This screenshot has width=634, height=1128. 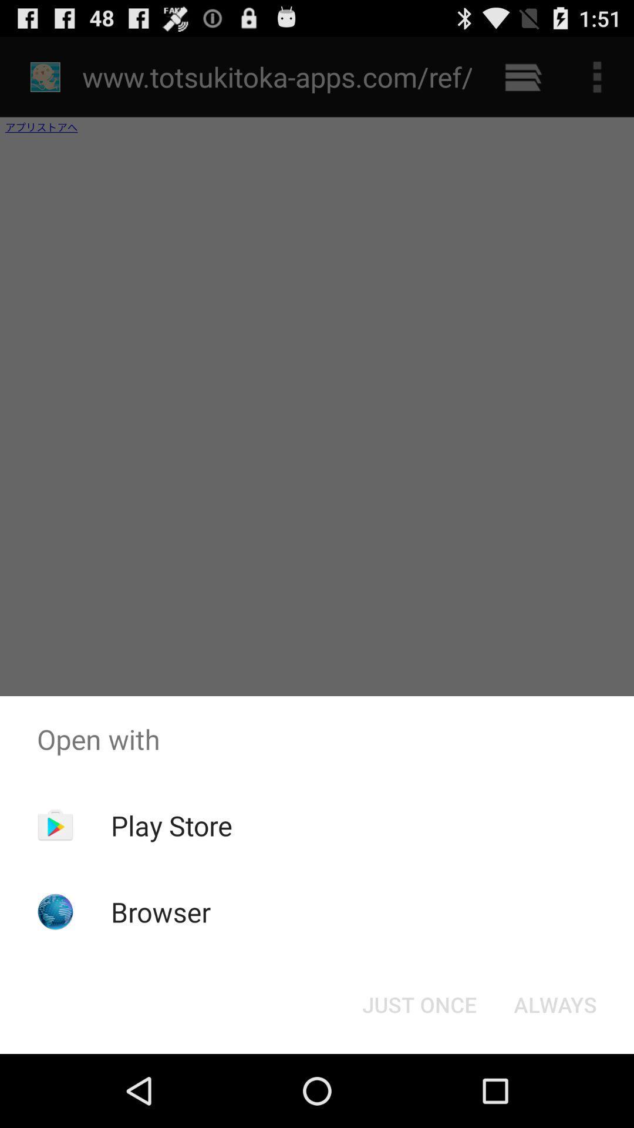 I want to click on the icon at the bottom, so click(x=419, y=1003).